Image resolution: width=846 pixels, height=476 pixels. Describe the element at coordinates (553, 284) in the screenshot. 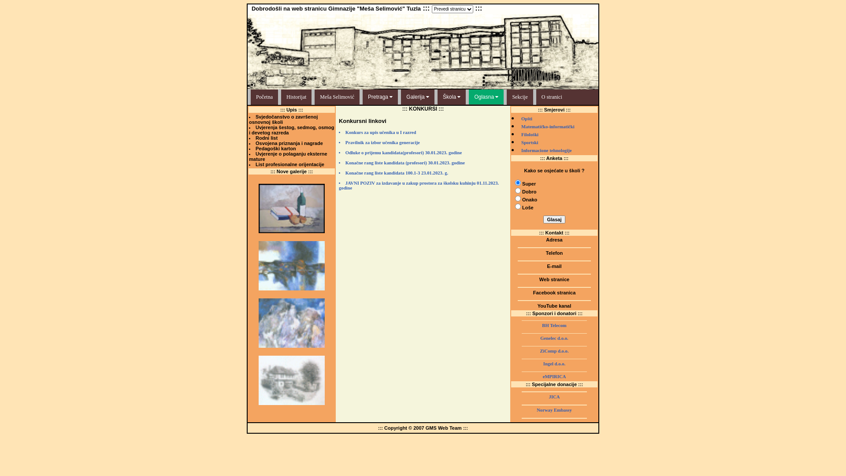

I see `'www.gmstz.com.ba'` at that location.